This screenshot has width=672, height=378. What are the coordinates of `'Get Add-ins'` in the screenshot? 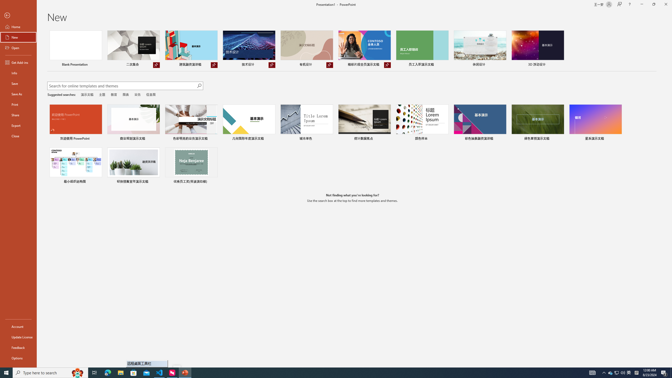 It's located at (18, 62).